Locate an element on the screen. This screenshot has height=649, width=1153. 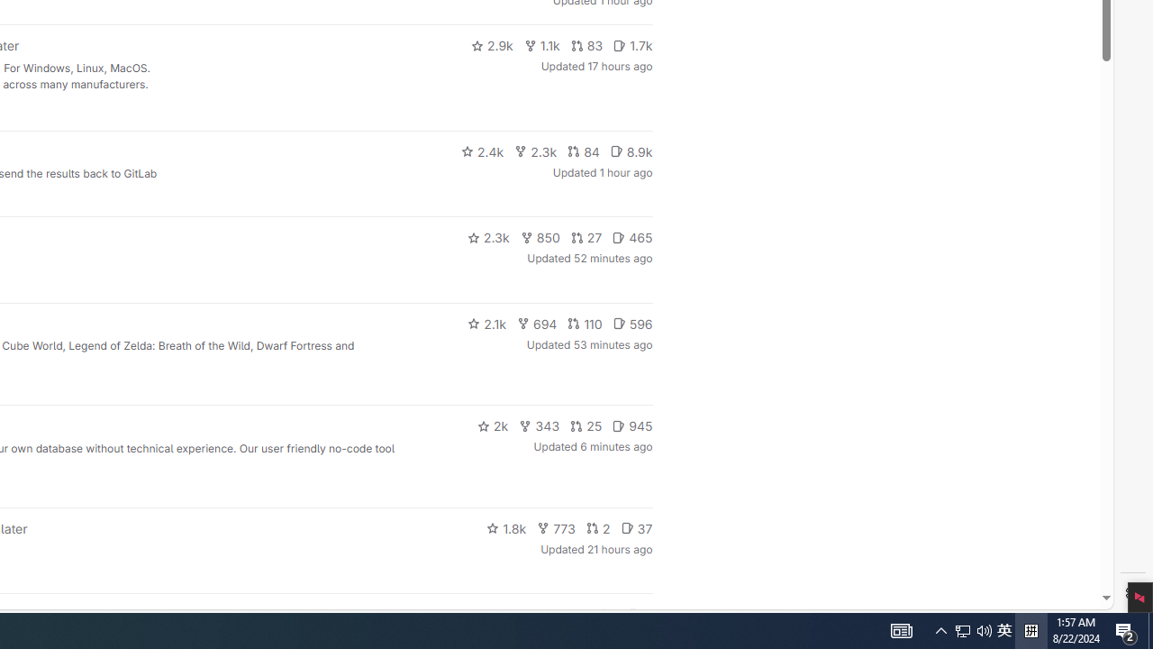
'773' is located at coordinates (556, 527).